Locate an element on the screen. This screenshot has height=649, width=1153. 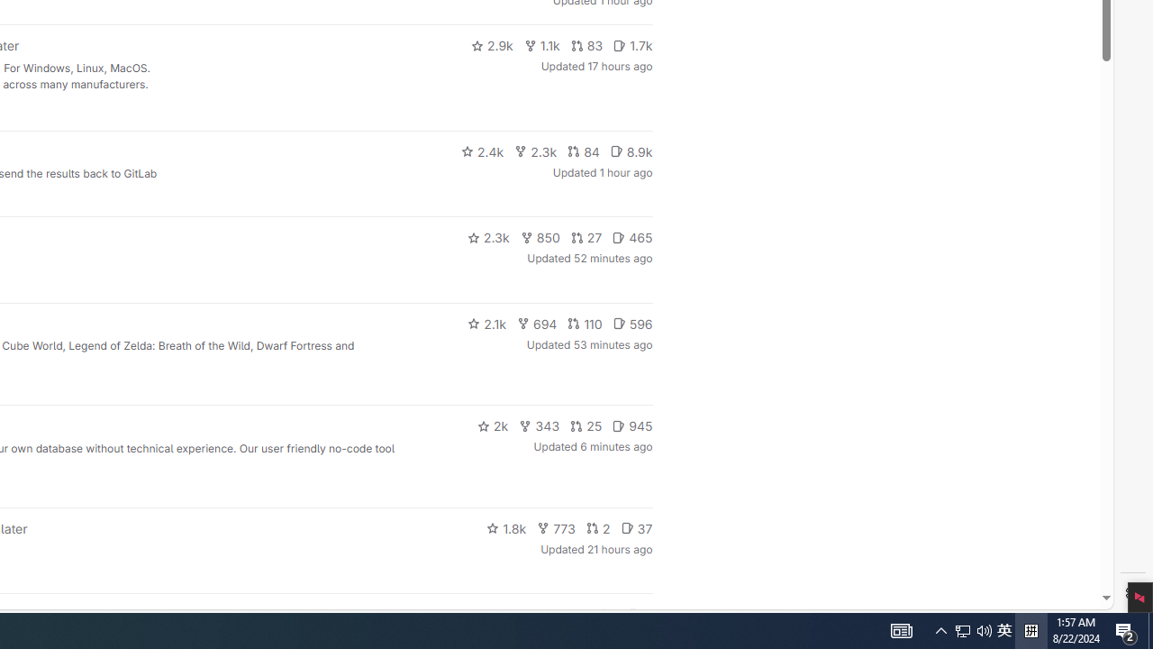
'773' is located at coordinates (556, 527).